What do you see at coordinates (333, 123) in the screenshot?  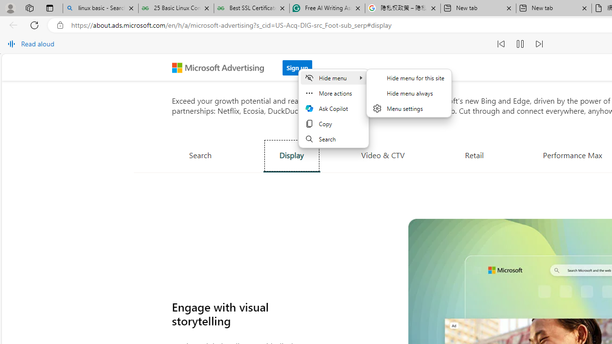 I see `'Copy'` at bounding box center [333, 123].